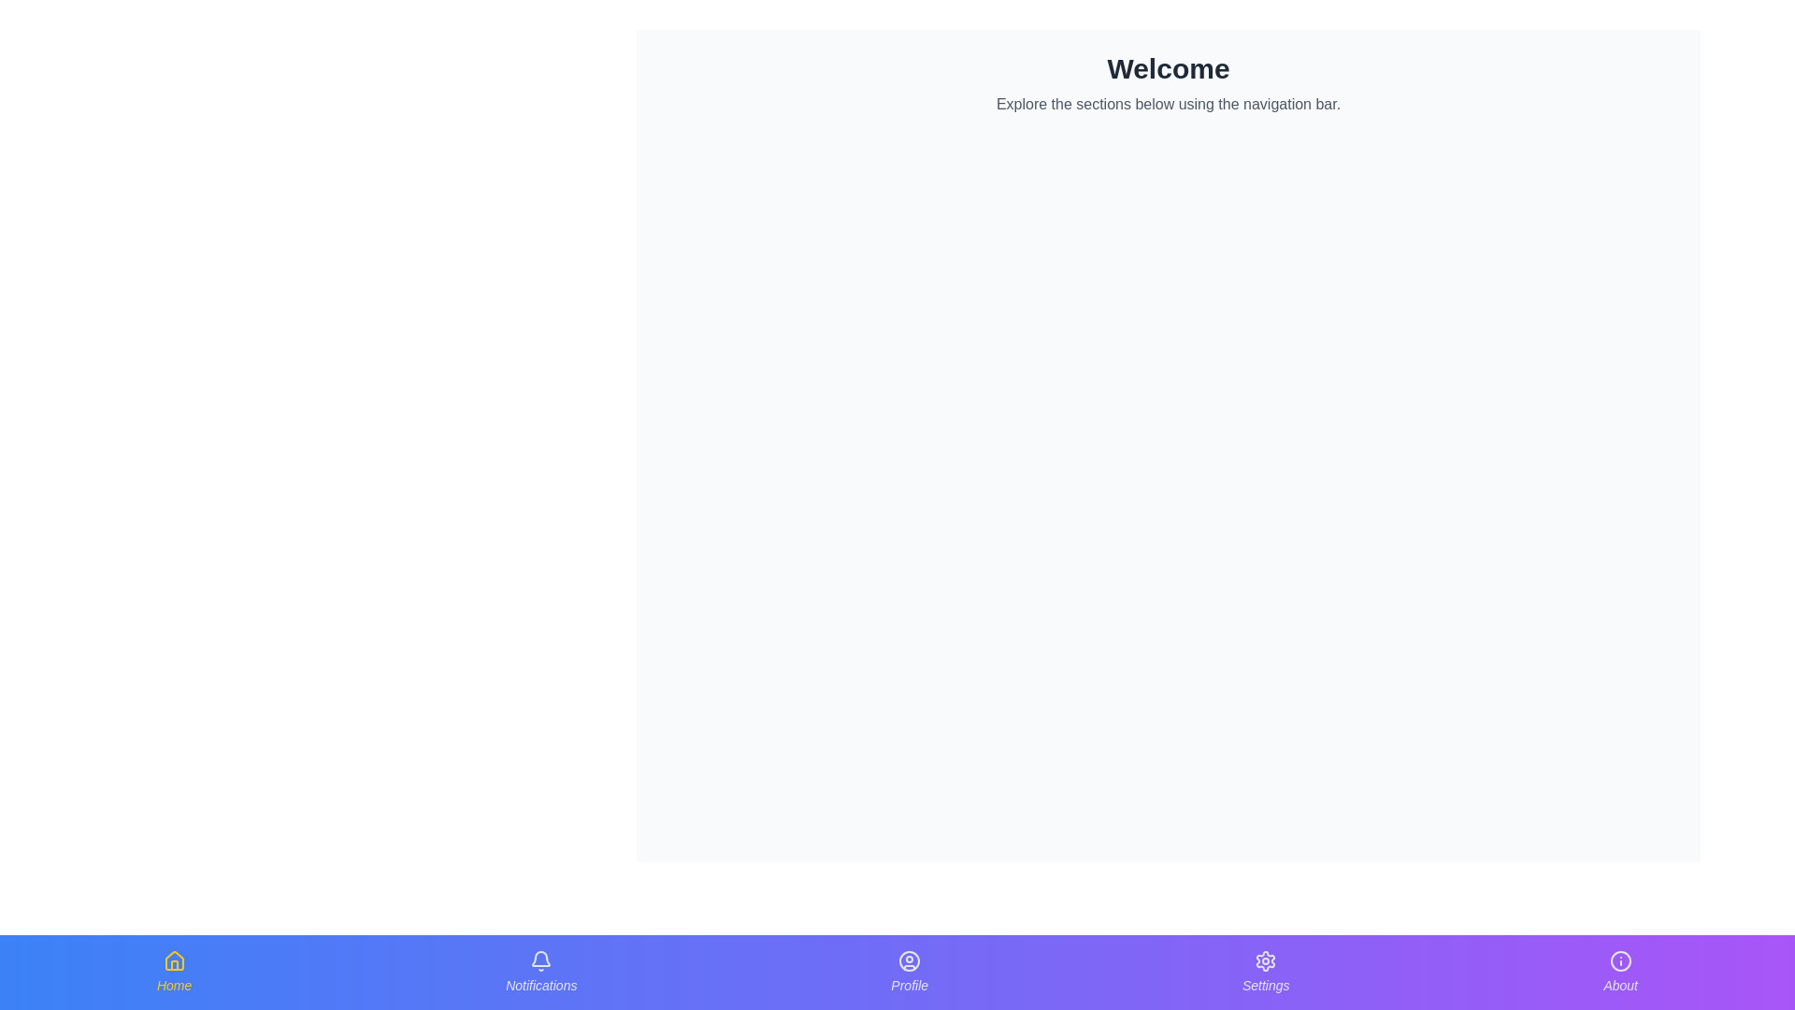 This screenshot has height=1010, width=1795. Describe the element at coordinates (1266, 984) in the screenshot. I see `the Settings text label in the navigation bar` at that location.